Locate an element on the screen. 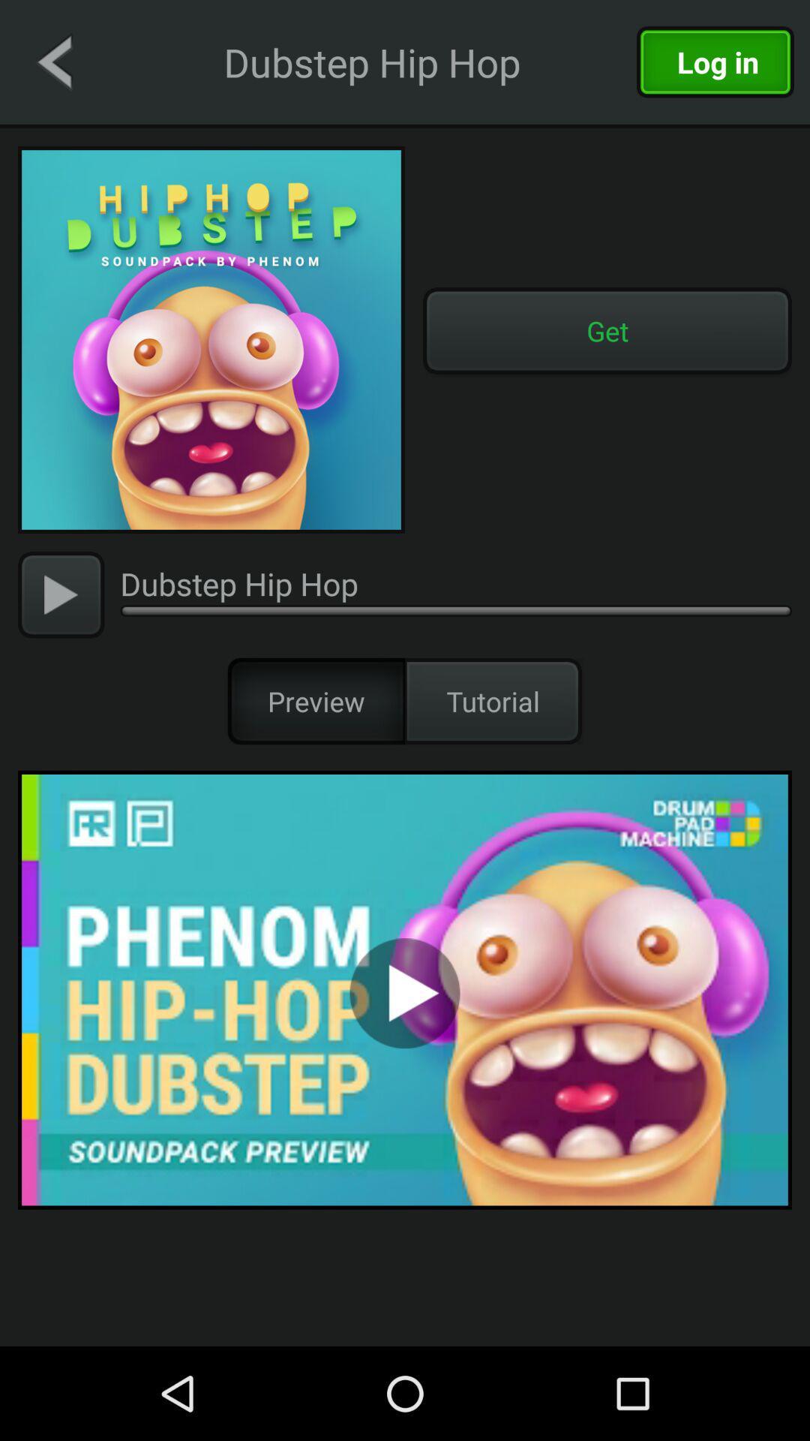  the get icon is located at coordinates (607, 330).